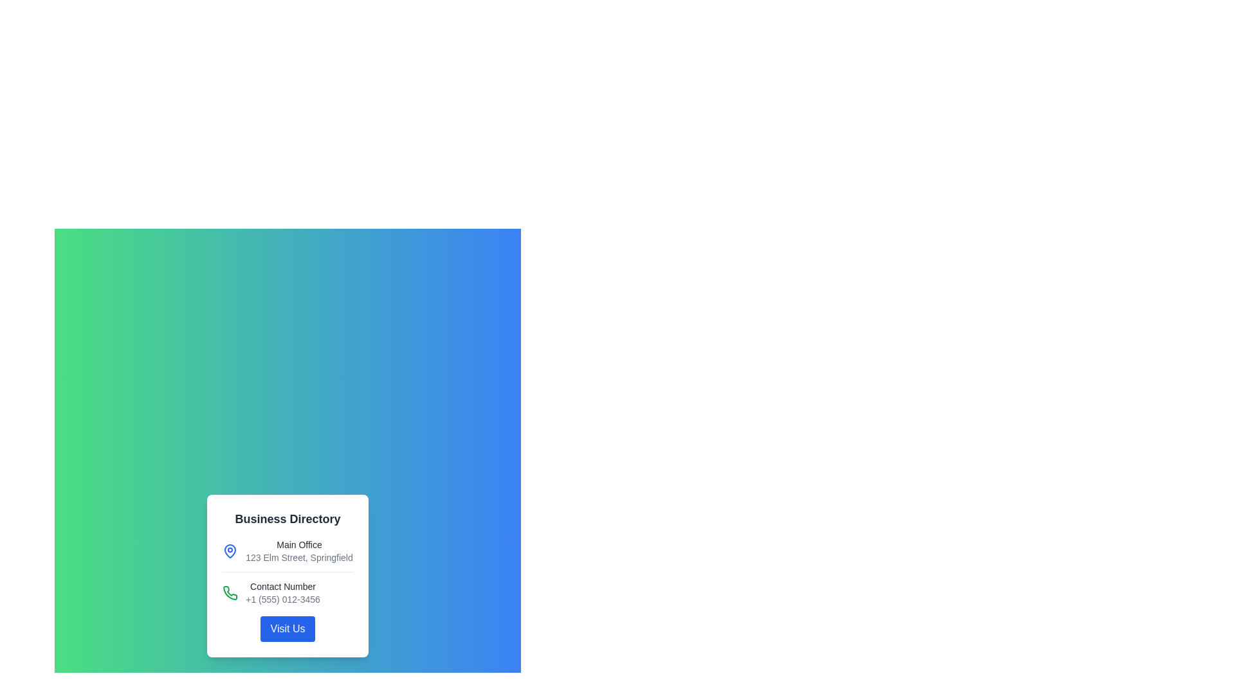 The width and height of the screenshot is (1235, 694). Describe the element at coordinates (282, 586) in the screenshot. I see `the text label indicating the meaning of the phone number, which is positioned above the phone number text within the card component` at that location.